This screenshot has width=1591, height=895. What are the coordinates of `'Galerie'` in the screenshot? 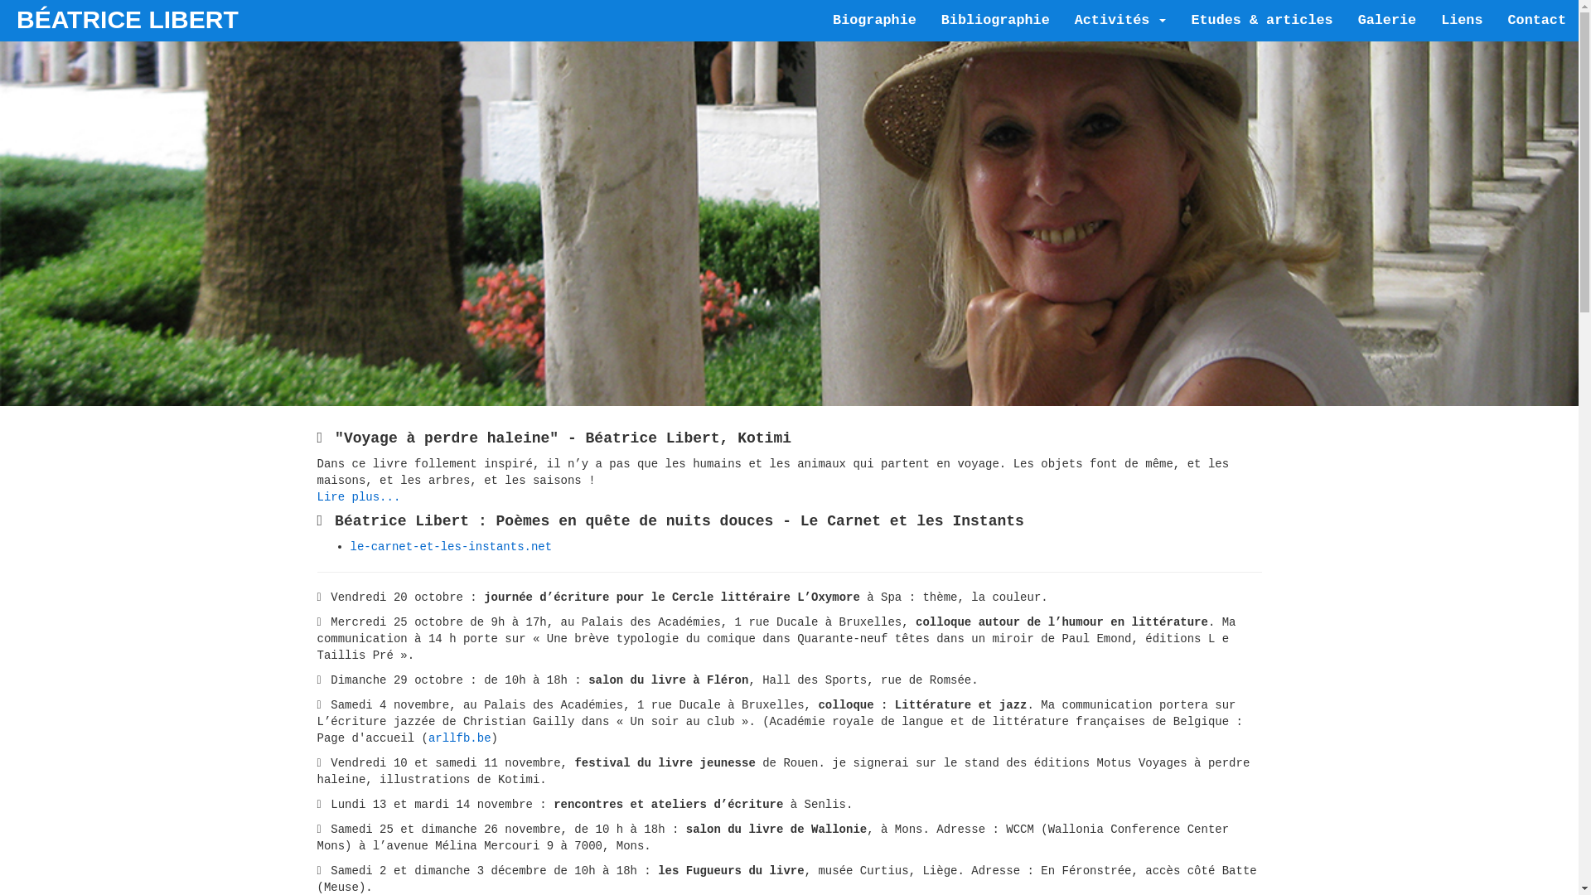 It's located at (1387, 20).